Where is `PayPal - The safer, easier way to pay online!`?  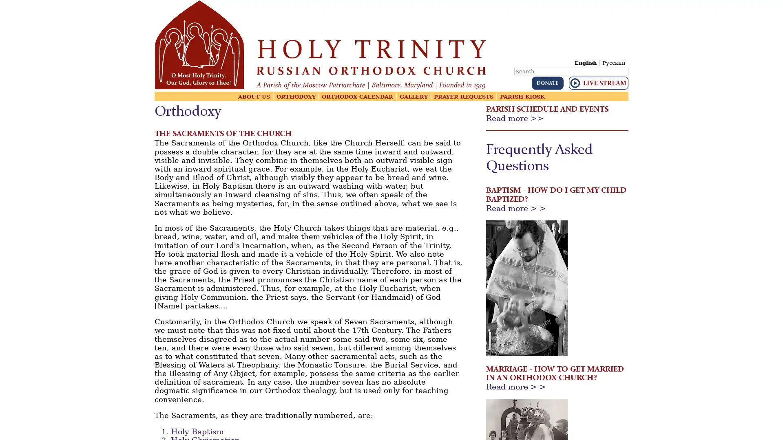
PayPal - The safer, easier way to pay online! is located at coordinates (547, 83).